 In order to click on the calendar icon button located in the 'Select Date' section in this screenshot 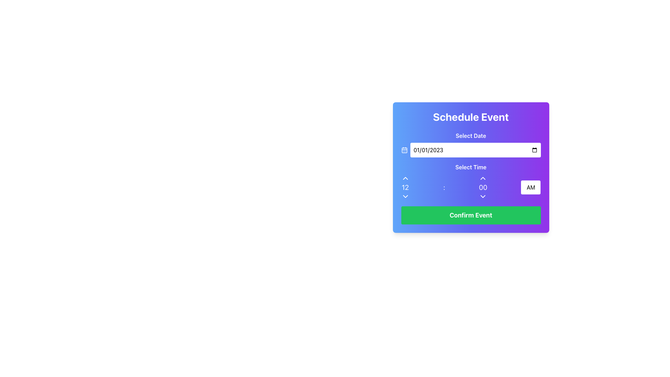, I will do `click(404, 149)`.